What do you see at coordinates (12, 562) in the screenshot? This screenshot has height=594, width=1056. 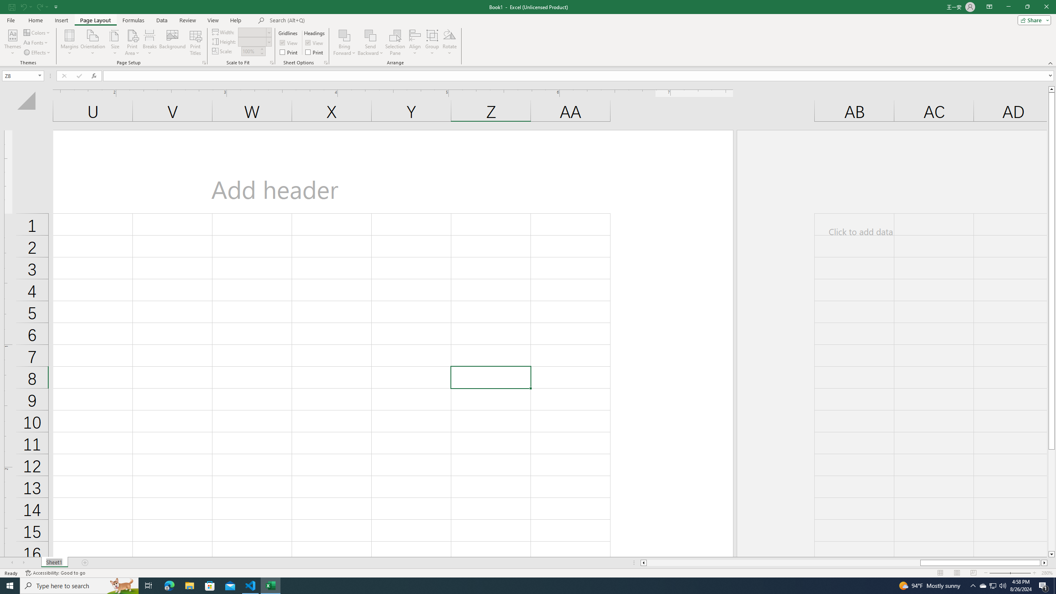 I see `'Scroll Left'` at bounding box center [12, 562].